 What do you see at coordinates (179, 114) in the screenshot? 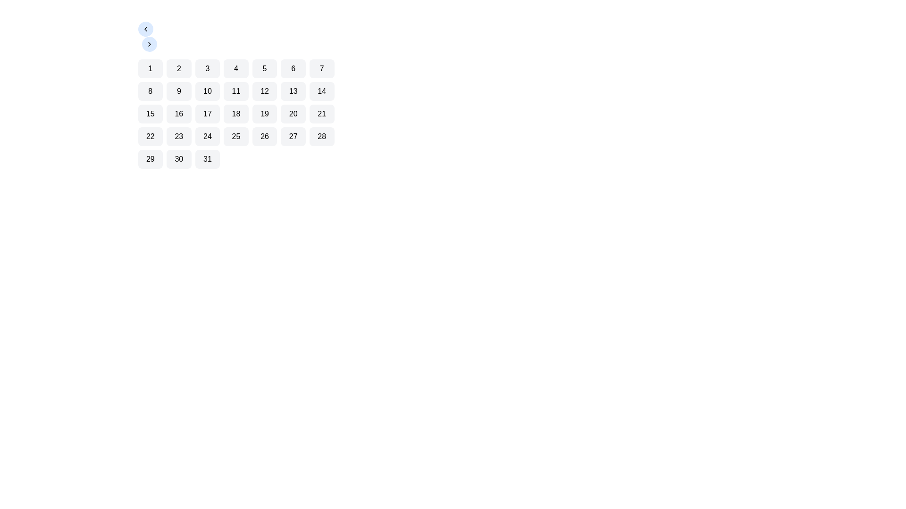
I see `the square button with the number '16' in bold black text` at bounding box center [179, 114].